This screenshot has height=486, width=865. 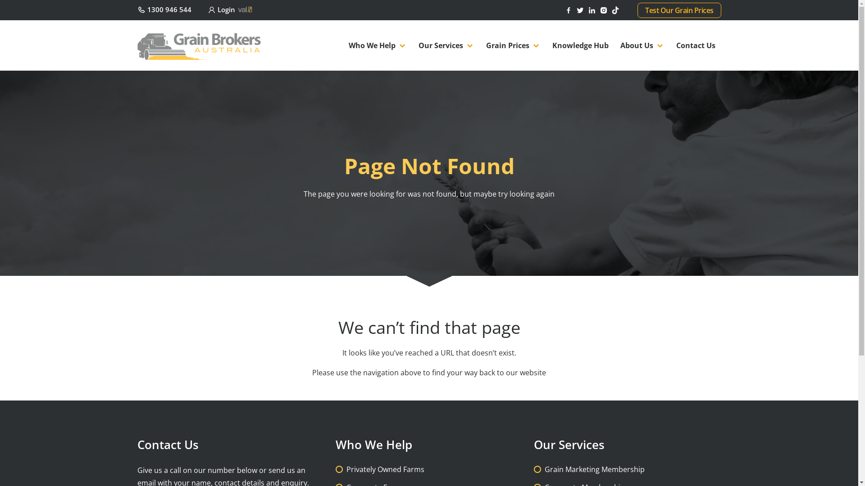 What do you see at coordinates (377, 45) in the screenshot?
I see `'Who We Help'` at bounding box center [377, 45].